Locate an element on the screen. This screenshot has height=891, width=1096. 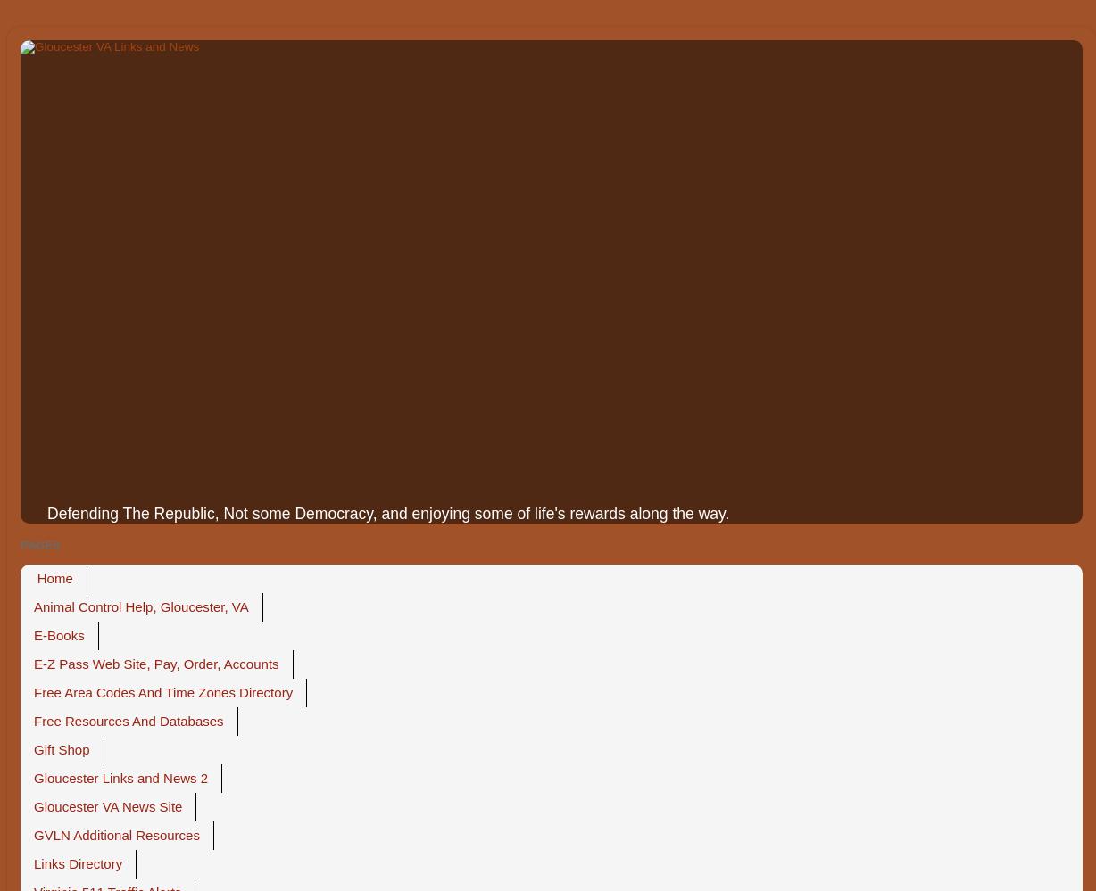
'Animal Control Help, Gloucester, VA' is located at coordinates (33, 606).